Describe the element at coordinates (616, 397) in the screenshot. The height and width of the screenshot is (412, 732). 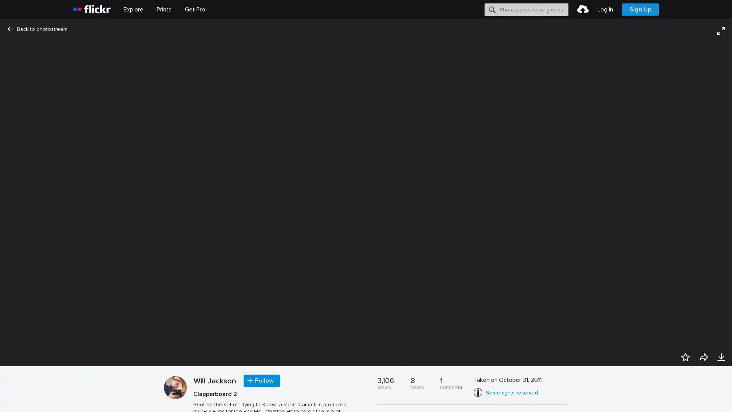
I see `Opt-out` at that location.